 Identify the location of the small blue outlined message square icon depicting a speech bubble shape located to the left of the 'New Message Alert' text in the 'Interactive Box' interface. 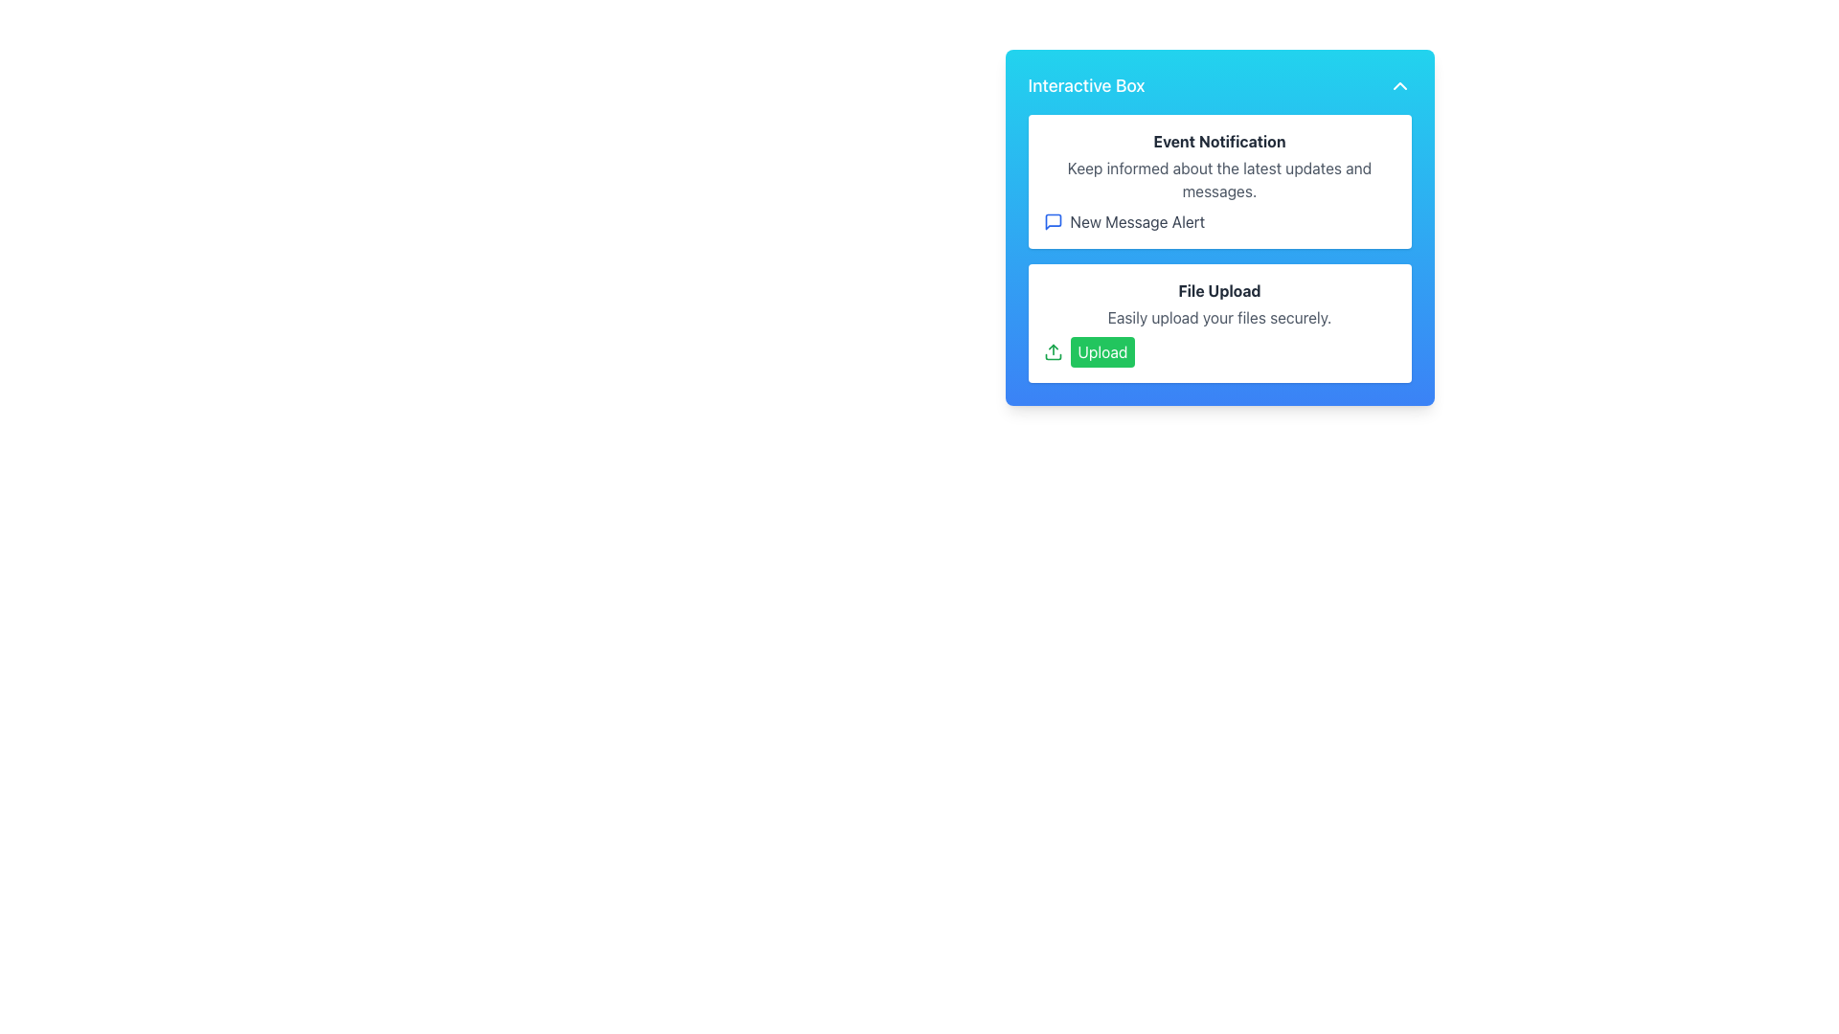
(1052, 220).